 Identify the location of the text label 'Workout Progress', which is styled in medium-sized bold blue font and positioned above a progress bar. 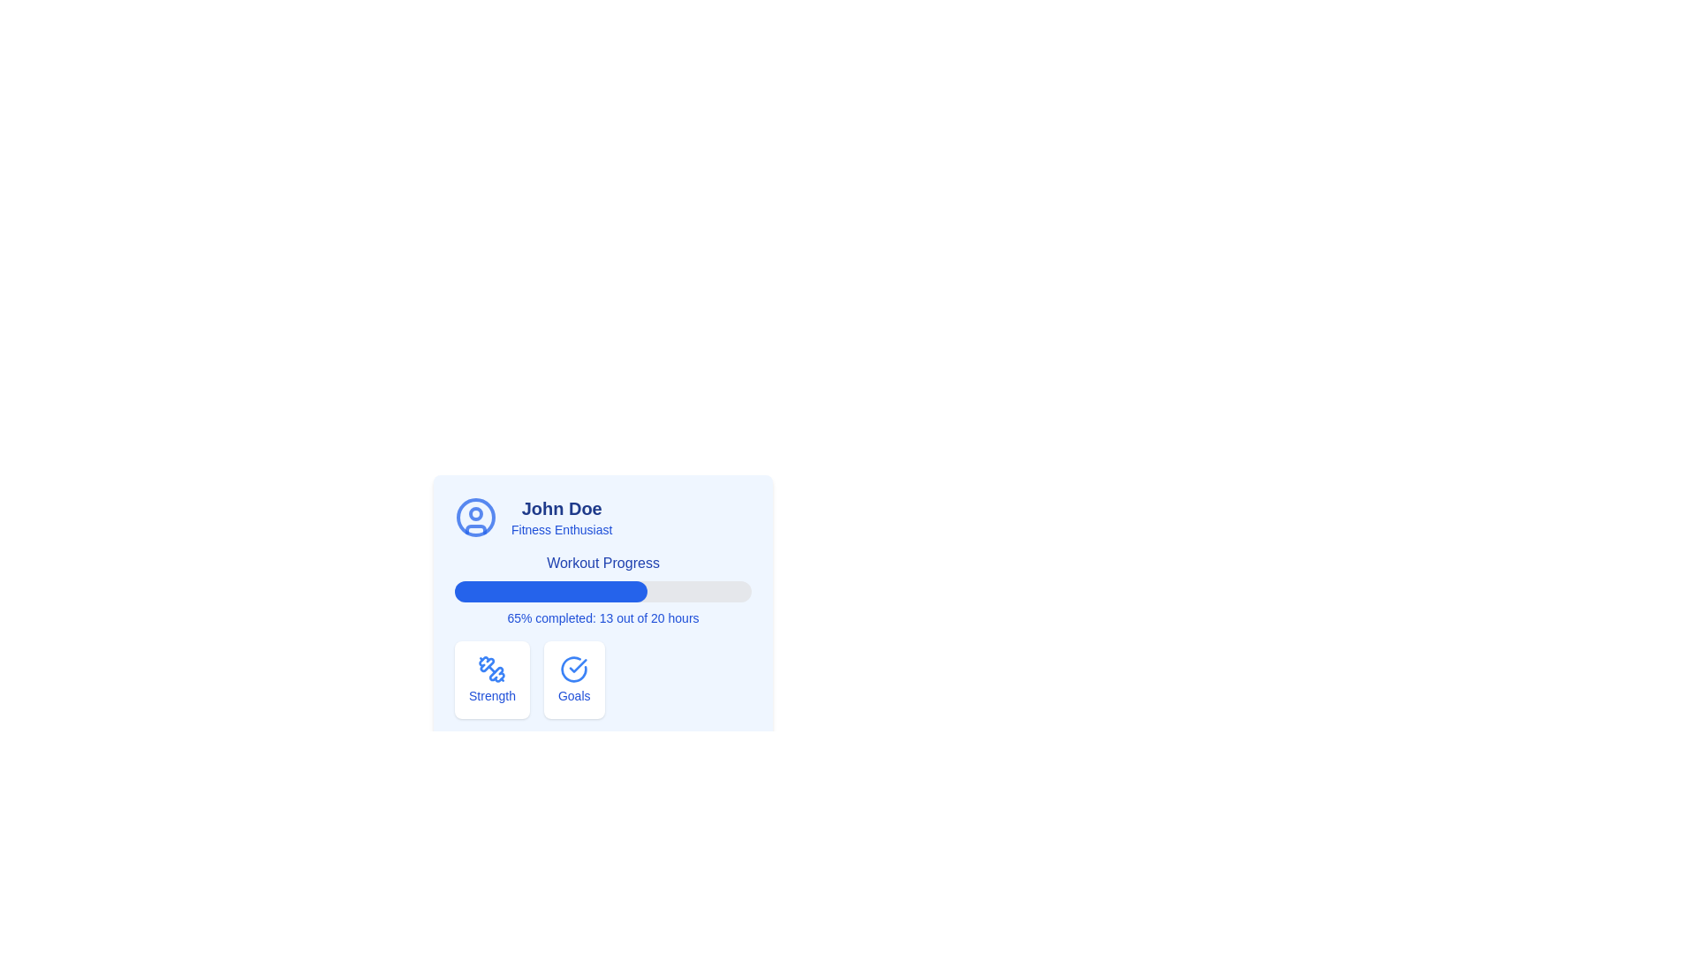
(602, 563).